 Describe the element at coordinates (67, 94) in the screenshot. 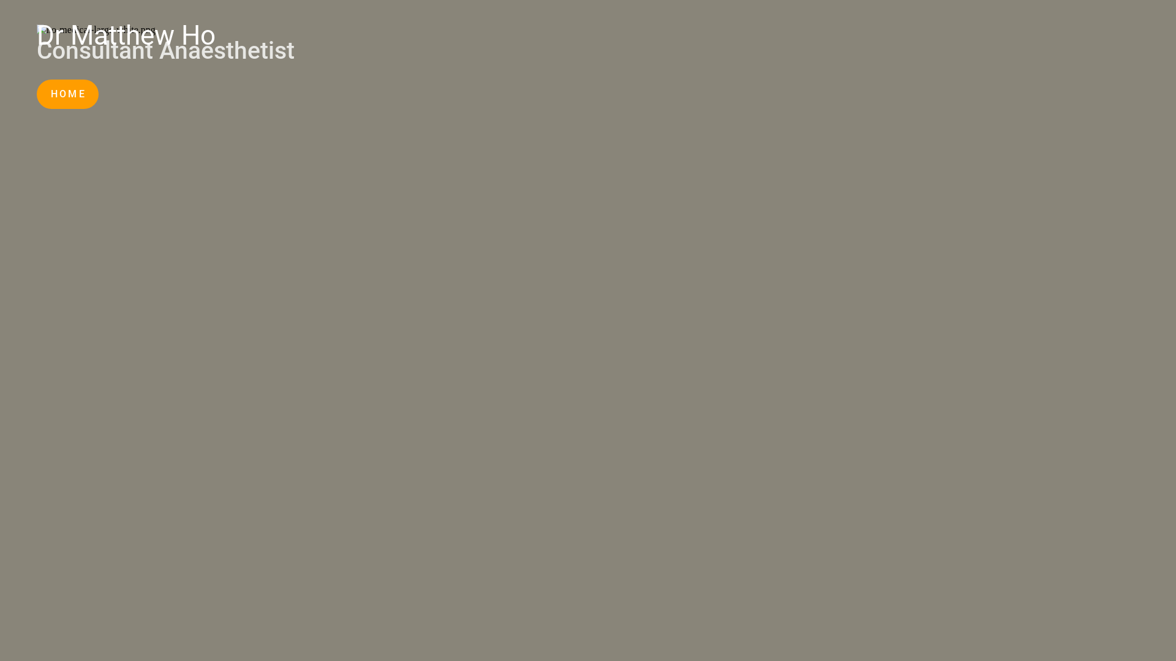

I see `'HOME'` at that location.